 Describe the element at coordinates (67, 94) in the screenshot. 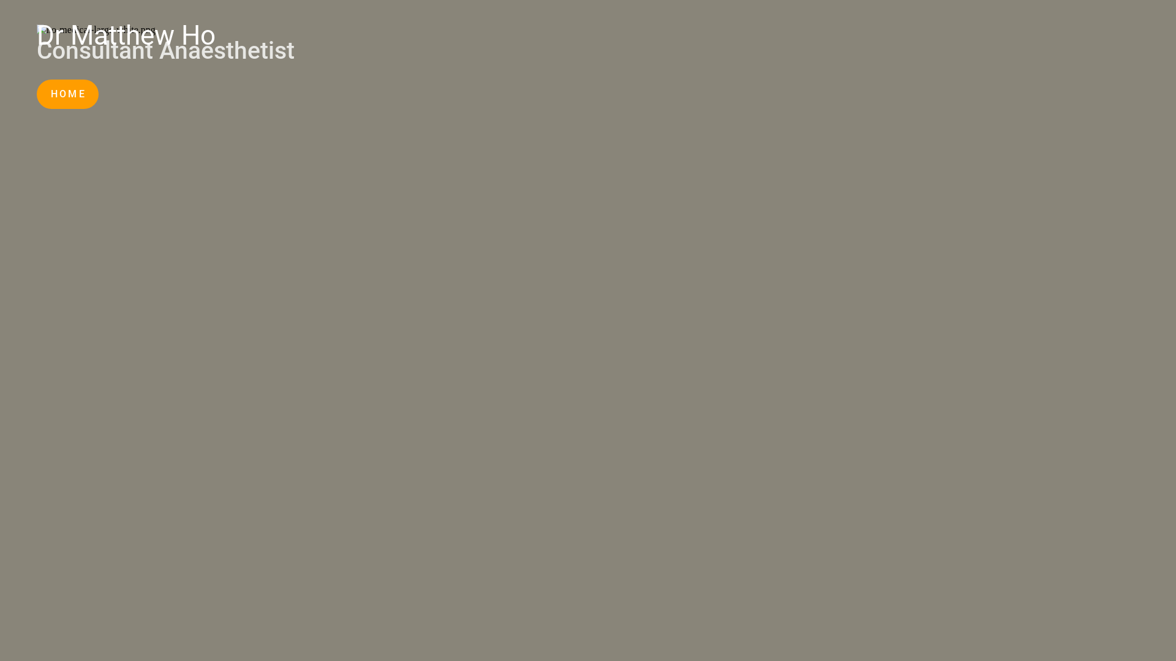

I see `'HOME'` at that location.